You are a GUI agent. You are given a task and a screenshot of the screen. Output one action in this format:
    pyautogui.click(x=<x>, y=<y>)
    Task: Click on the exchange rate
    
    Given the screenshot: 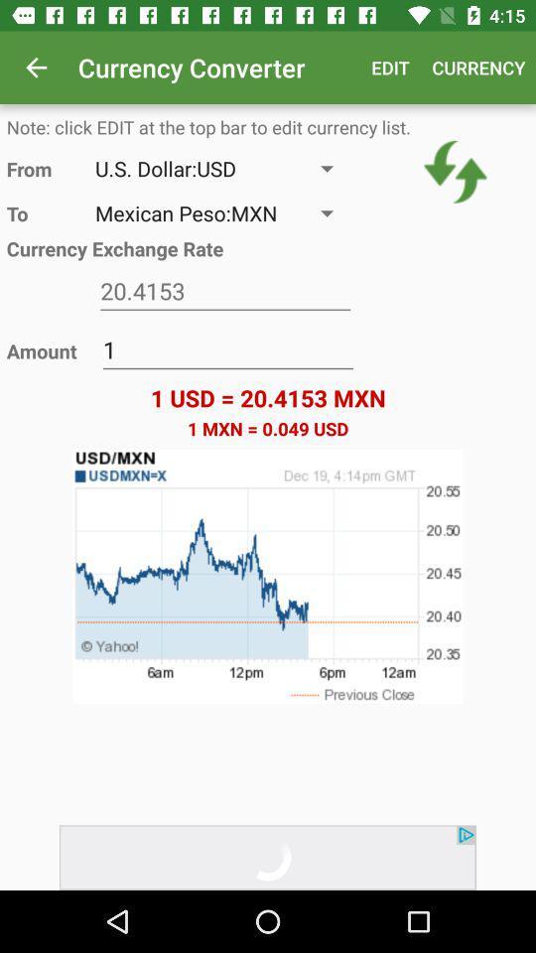 What is the action you would take?
    pyautogui.click(x=224, y=290)
    